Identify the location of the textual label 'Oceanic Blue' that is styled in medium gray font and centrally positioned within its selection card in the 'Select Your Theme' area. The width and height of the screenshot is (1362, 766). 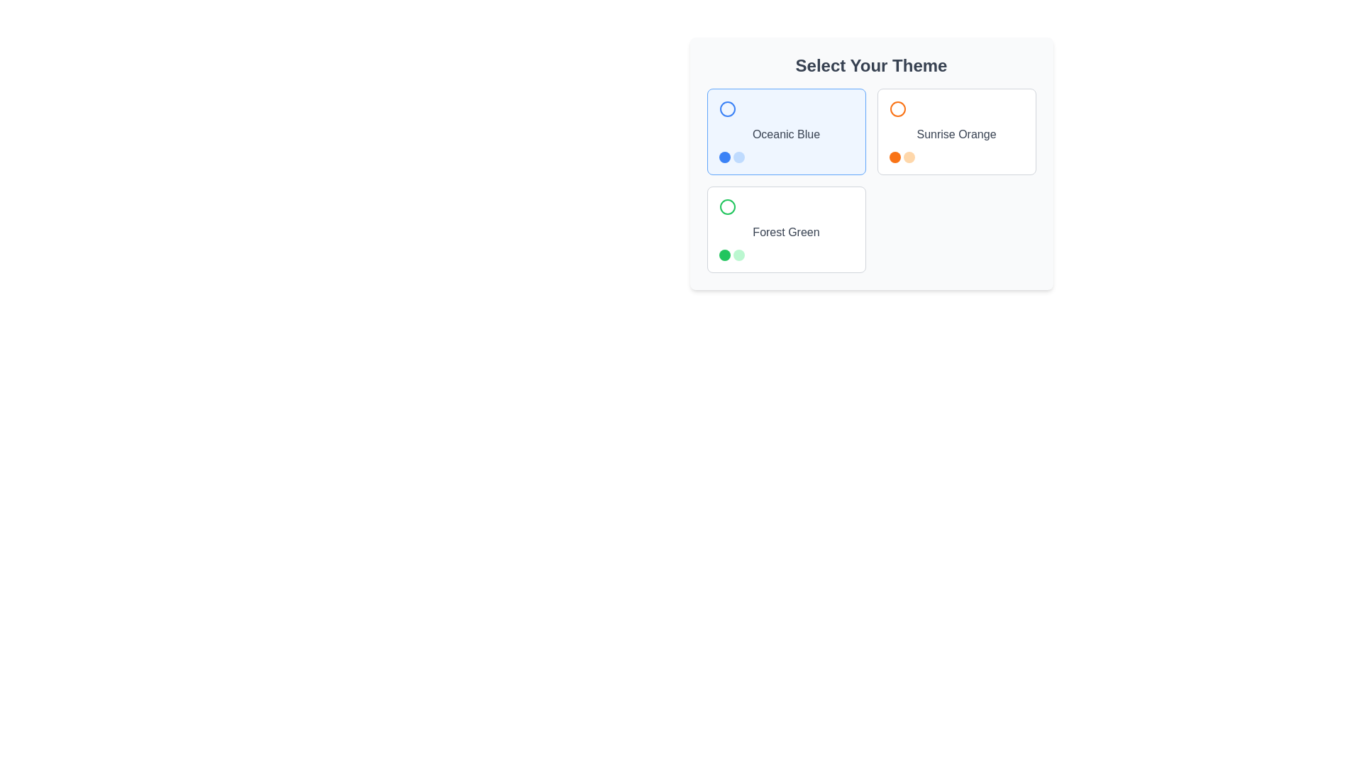
(785, 134).